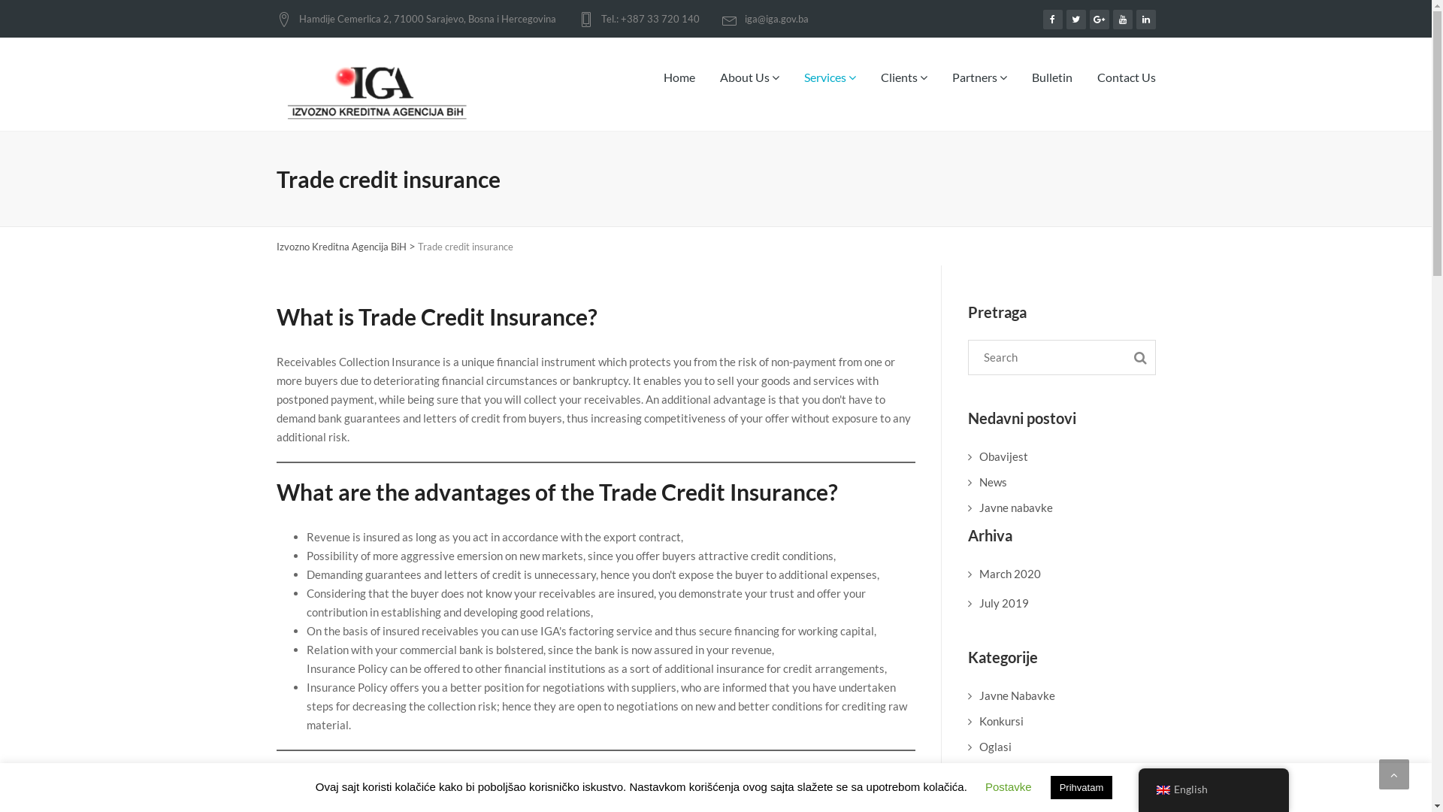 This screenshot has height=812, width=1443. I want to click on 'English', so click(1161, 788).